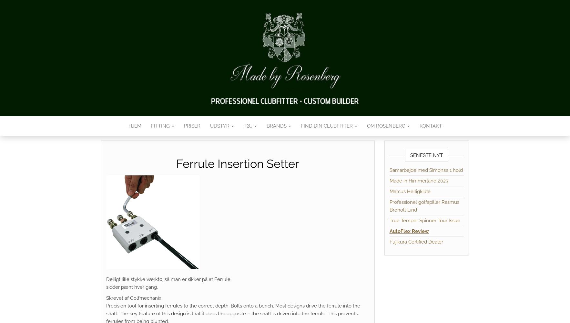 The height and width of the screenshot is (323, 570). Describe the element at coordinates (327, 126) in the screenshot. I see `'Find din Clubfitter'` at that location.